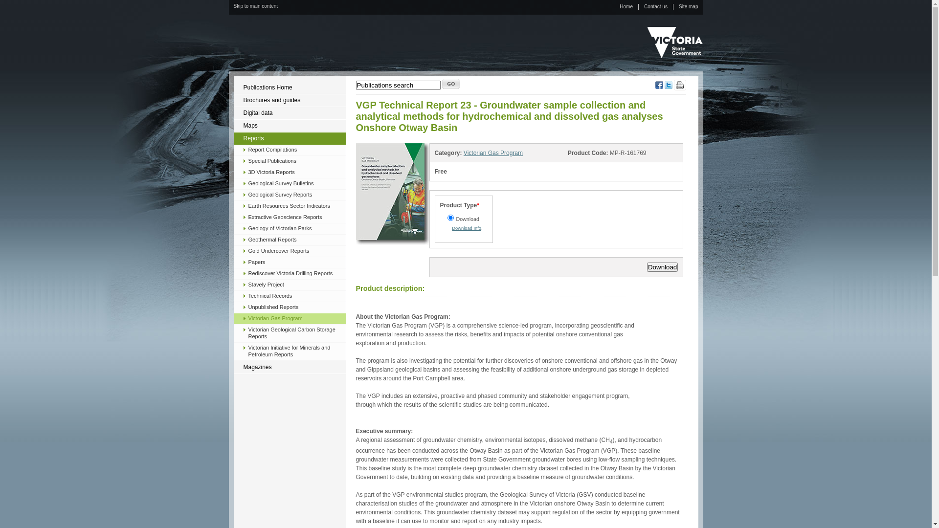 Image resolution: width=939 pixels, height=528 pixels. What do you see at coordinates (289, 351) in the screenshot?
I see `'Victorian Initiative for Minerals and Petroleum Reports'` at bounding box center [289, 351].